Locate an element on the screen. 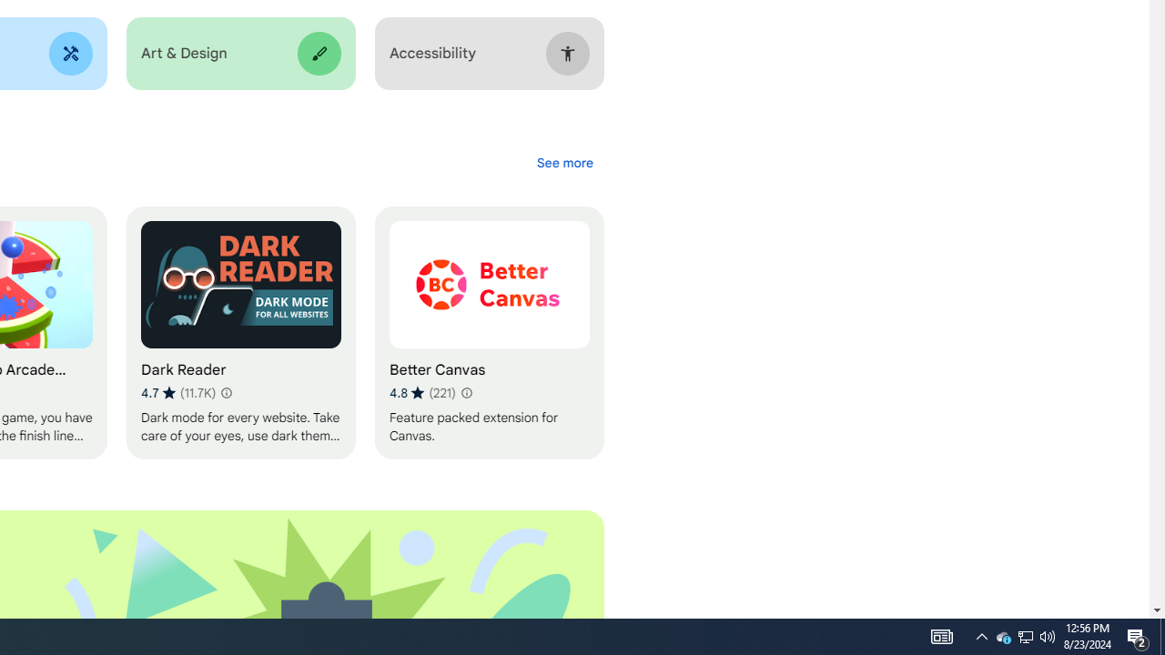 Image resolution: width=1165 pixels, height=655 pixels. 'Average rating 4.8 out of 5 stars. 221 ratings.' is located at coordinates (466, 392).